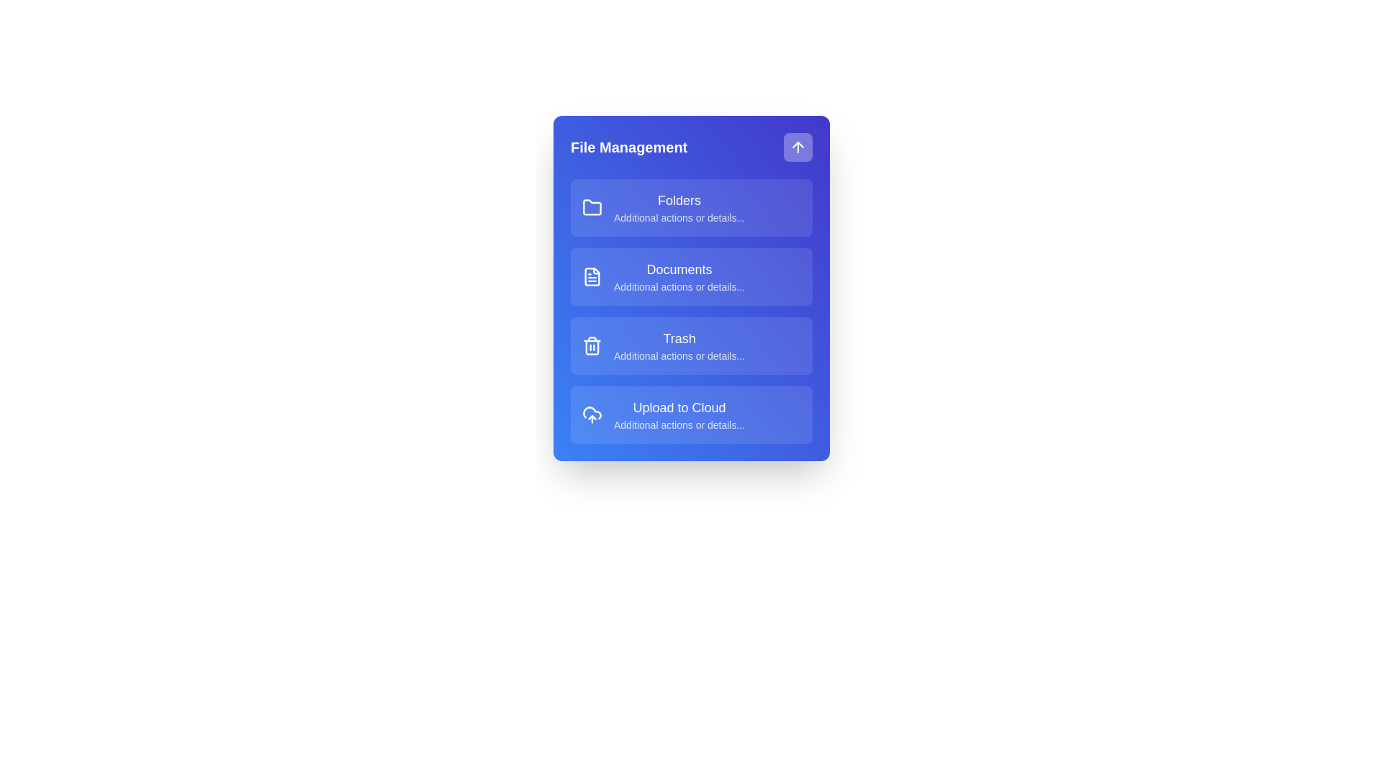  What do you see at coordinates (691, 346) in the screenshot?
I see `the menu item Trash` at bounding box center [691, 346].